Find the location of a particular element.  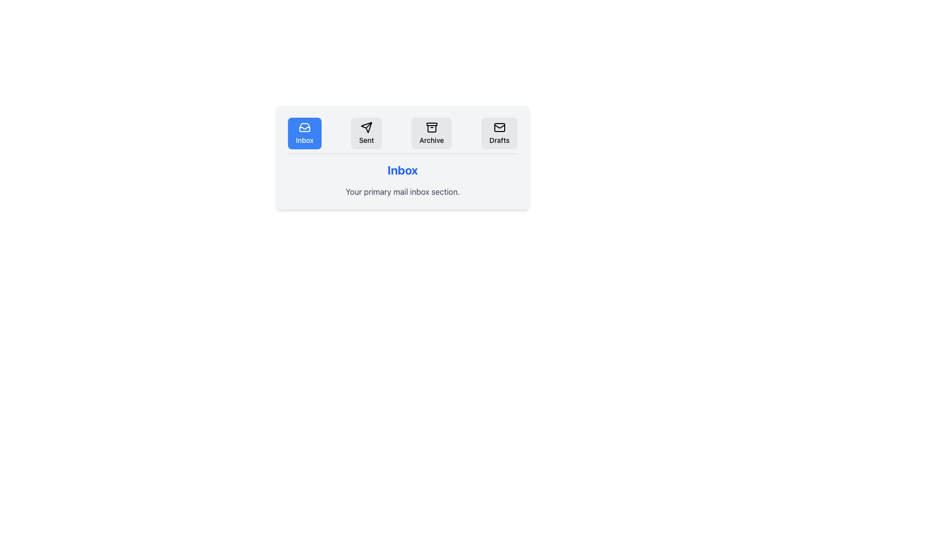

the third button from the left in a horizontal row of four buttons is located at coordinates (431, 133).